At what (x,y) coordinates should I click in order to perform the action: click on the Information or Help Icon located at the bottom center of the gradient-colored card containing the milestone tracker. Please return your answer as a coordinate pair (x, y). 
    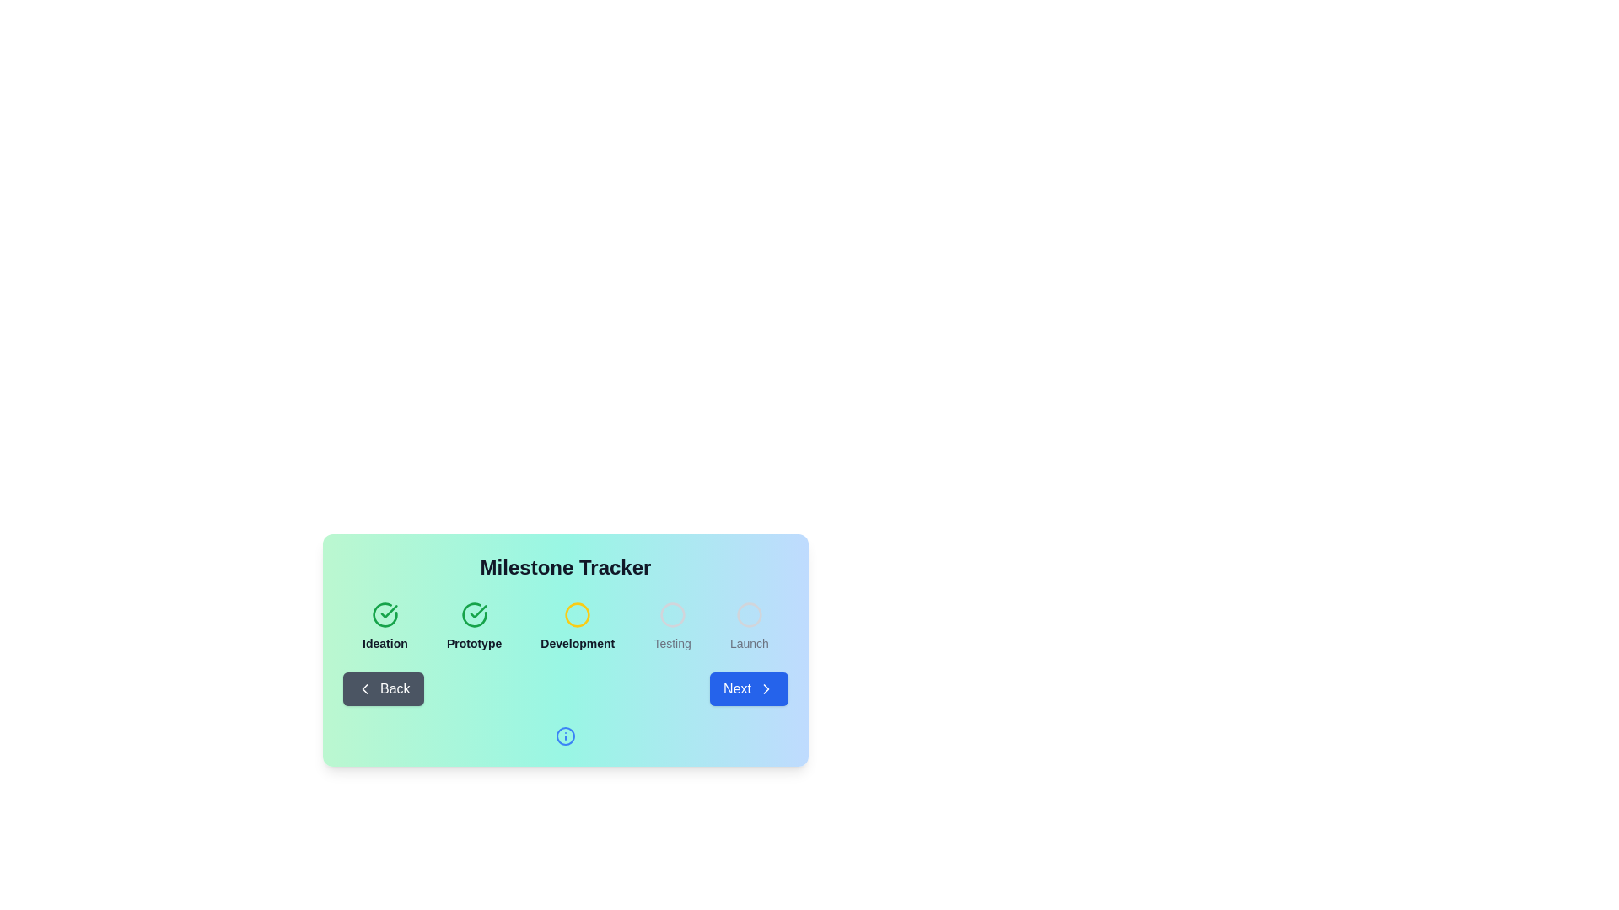
    Looking at the image, I should click on (566, 736).